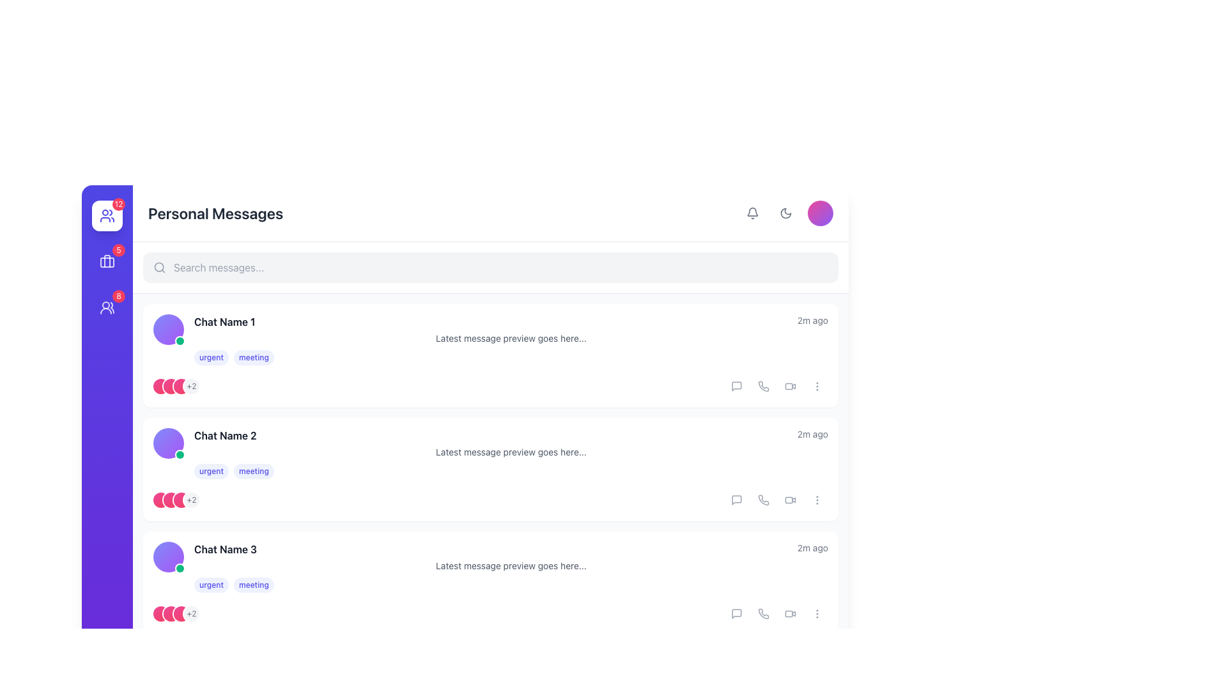 This screenshot has height=690, width=1227. What do you see at coordinates (226, 549) in the screenshot?
I see `text label displaying 'Chat Name 3' which is styled as the main heading in bold, dark gray font, located towards the bottom of the chat list interface` at bounding box center [226, 549].